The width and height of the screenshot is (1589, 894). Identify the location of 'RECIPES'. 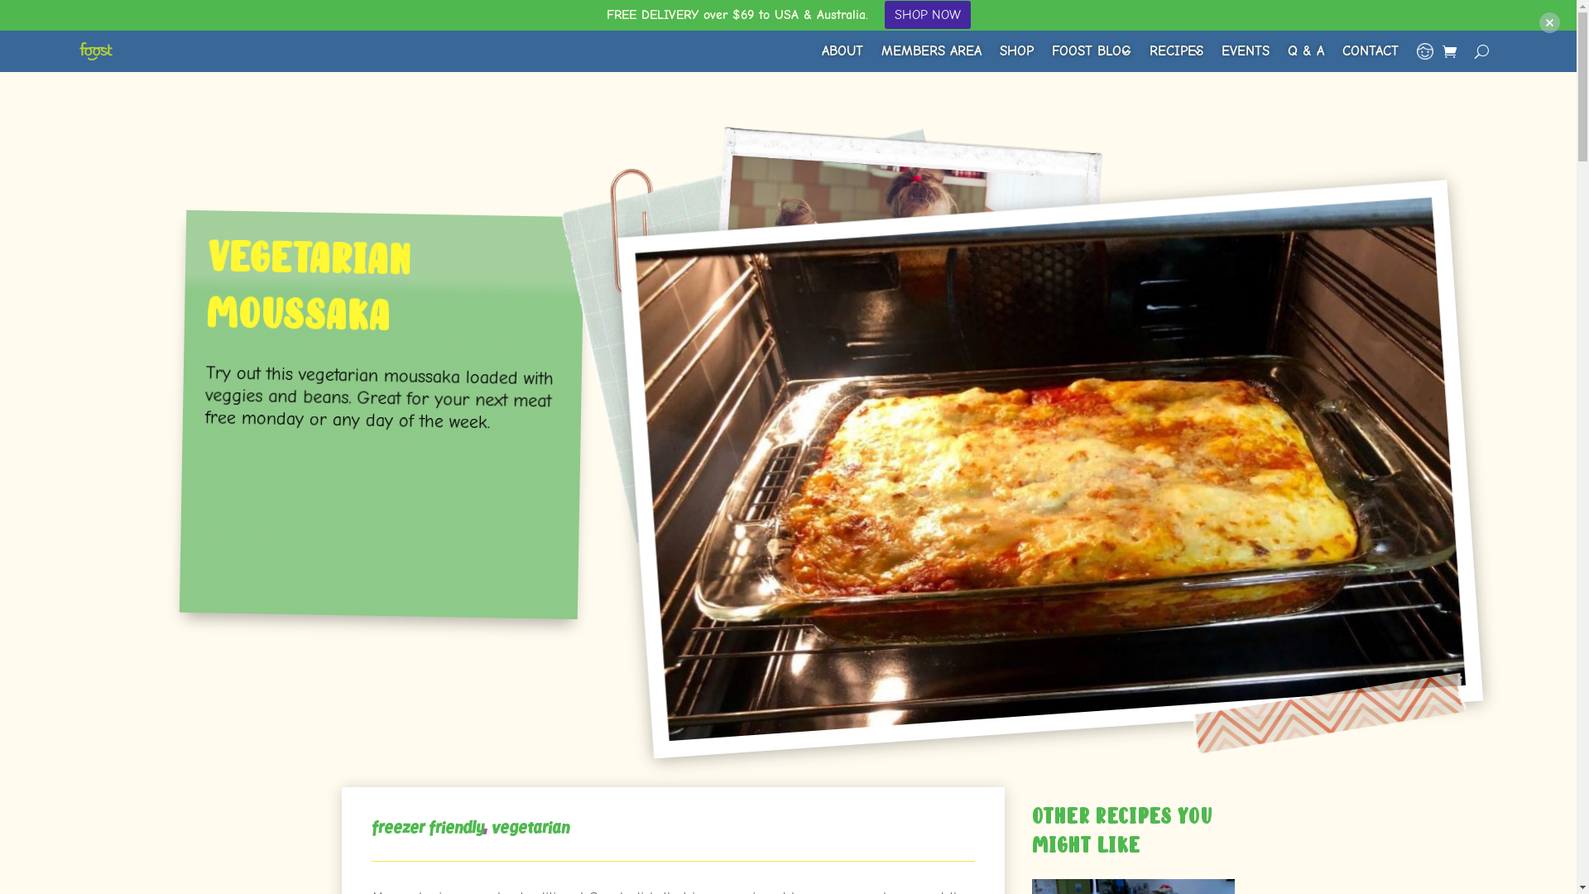
(1148, 50).